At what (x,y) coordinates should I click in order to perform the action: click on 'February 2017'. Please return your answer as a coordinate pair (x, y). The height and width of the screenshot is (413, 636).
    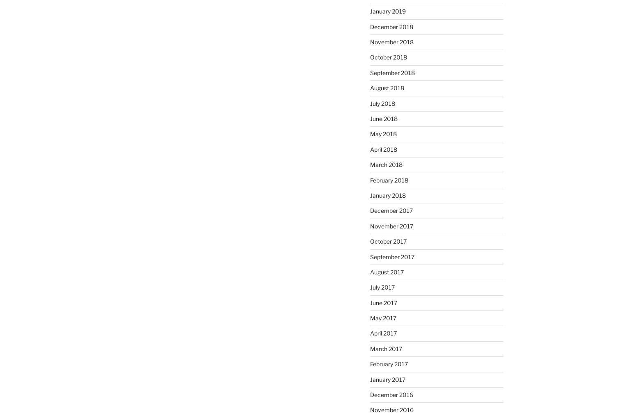
    Looking at the image, I should click on (388, 363).